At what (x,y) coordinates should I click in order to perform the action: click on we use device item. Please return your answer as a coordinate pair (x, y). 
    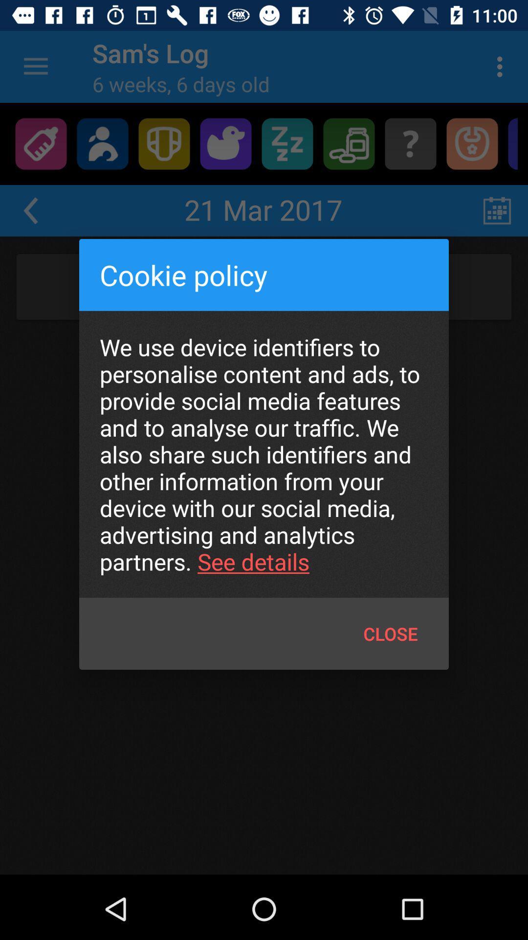
    Looking at the image, I should click on (264, 454).